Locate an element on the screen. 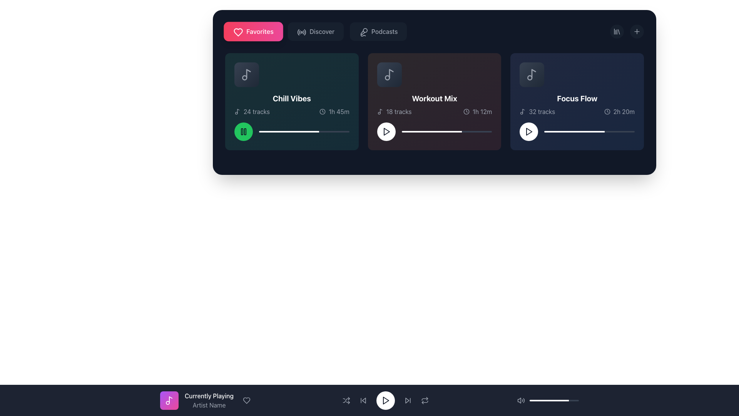 Image resolution: width=739 pixels, height=416 pixels. the text label indicating the total number of tracks in the 'Chill Vibes' playlist, positioned adjacent to a music note icon and above the playtime indication is located at coordinates (257, 111).